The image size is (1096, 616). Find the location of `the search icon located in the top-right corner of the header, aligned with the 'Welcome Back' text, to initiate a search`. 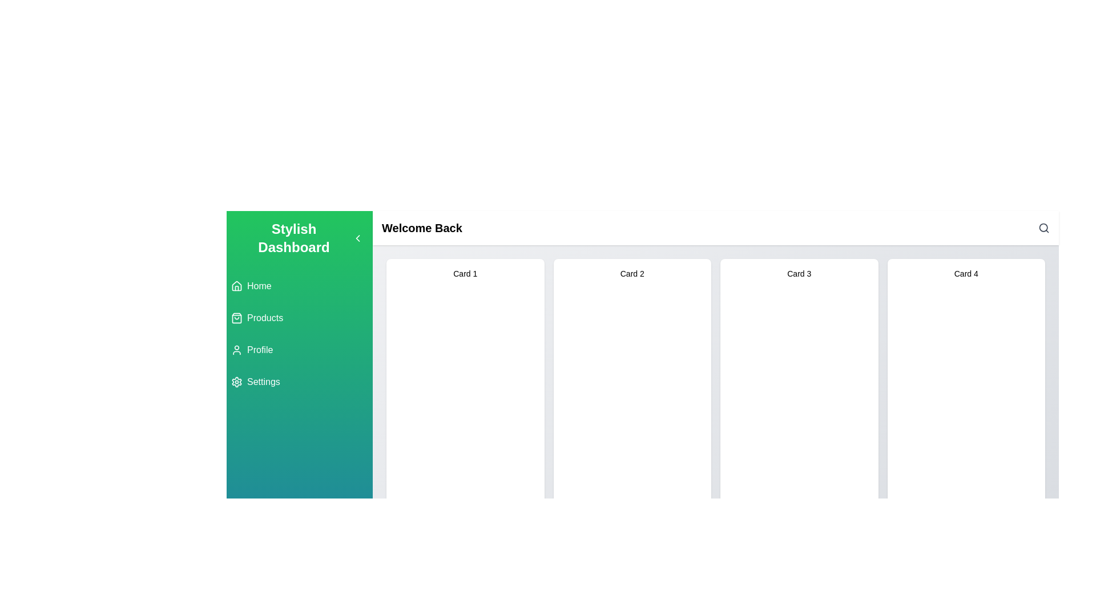

the search icon located in the top-right corner of the header, aligned with the 'Welcome Back' text, to initiate a search is located at coordinates (1043, 228).